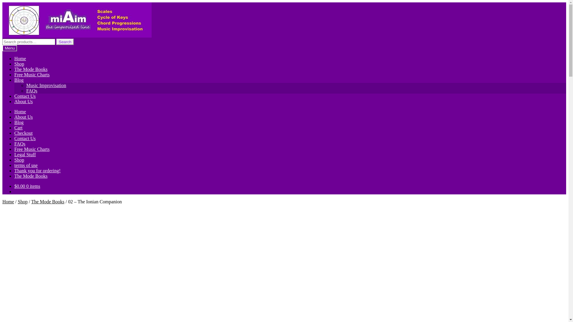 The image size is (573, 322). I want to click on 'Skip to navigation', so click(2, 2).